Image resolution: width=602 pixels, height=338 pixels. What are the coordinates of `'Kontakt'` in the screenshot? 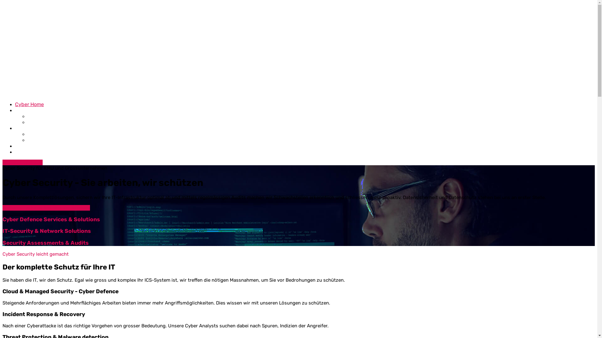 It's located at (24, 152).